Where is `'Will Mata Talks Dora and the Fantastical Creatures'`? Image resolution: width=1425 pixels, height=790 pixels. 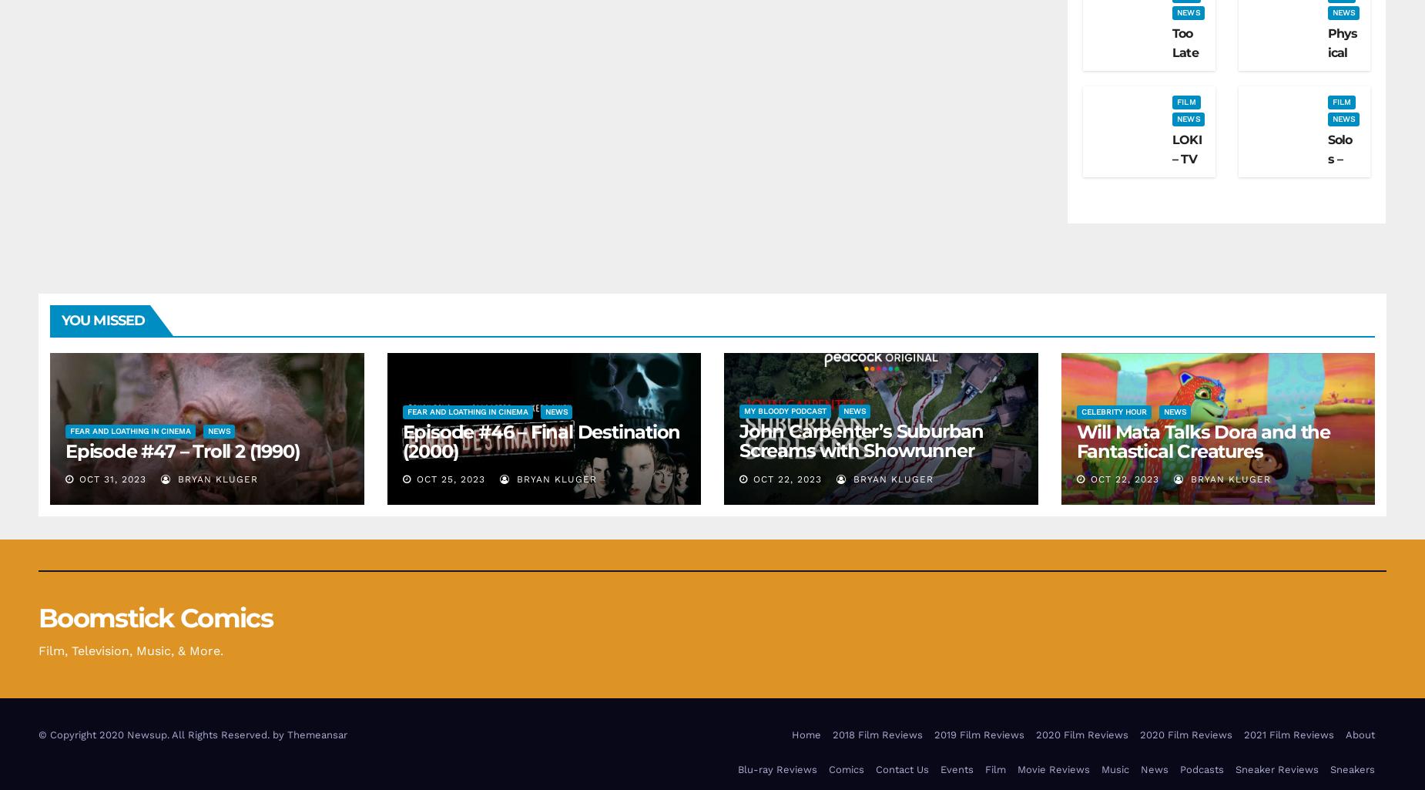 'Will Mata Talks Dora and the Fantastical Creatures' is located at coordinates (1202, 441).